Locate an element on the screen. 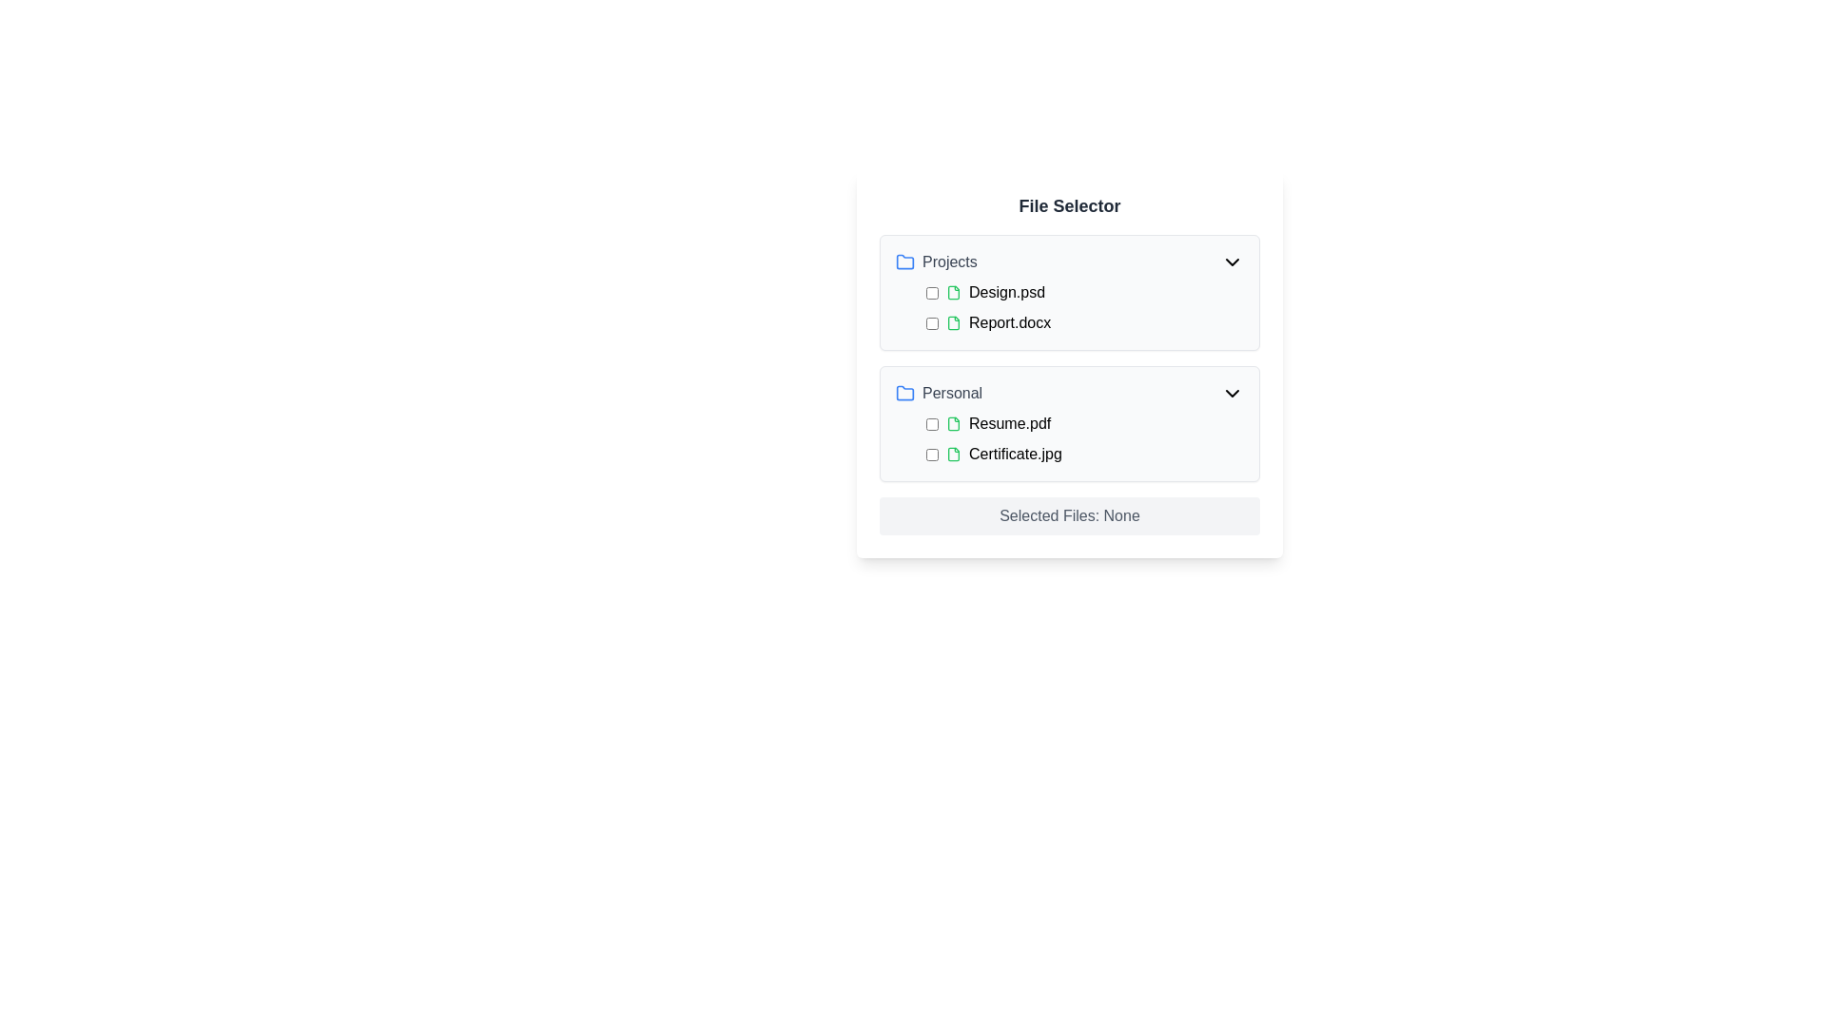 This screenshot has width=1826, height=1027. to select the 'Personal' folder in the file selection interface, which is represented by a blue folder icon and labeled 'Personal' is located at coordinates (939, 392).